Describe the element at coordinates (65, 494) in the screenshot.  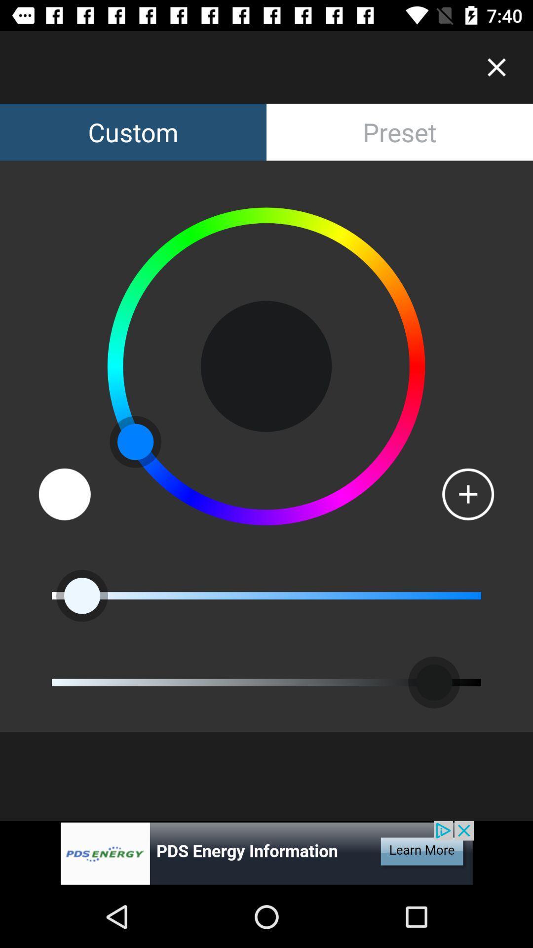
I see `decrease` at that location.